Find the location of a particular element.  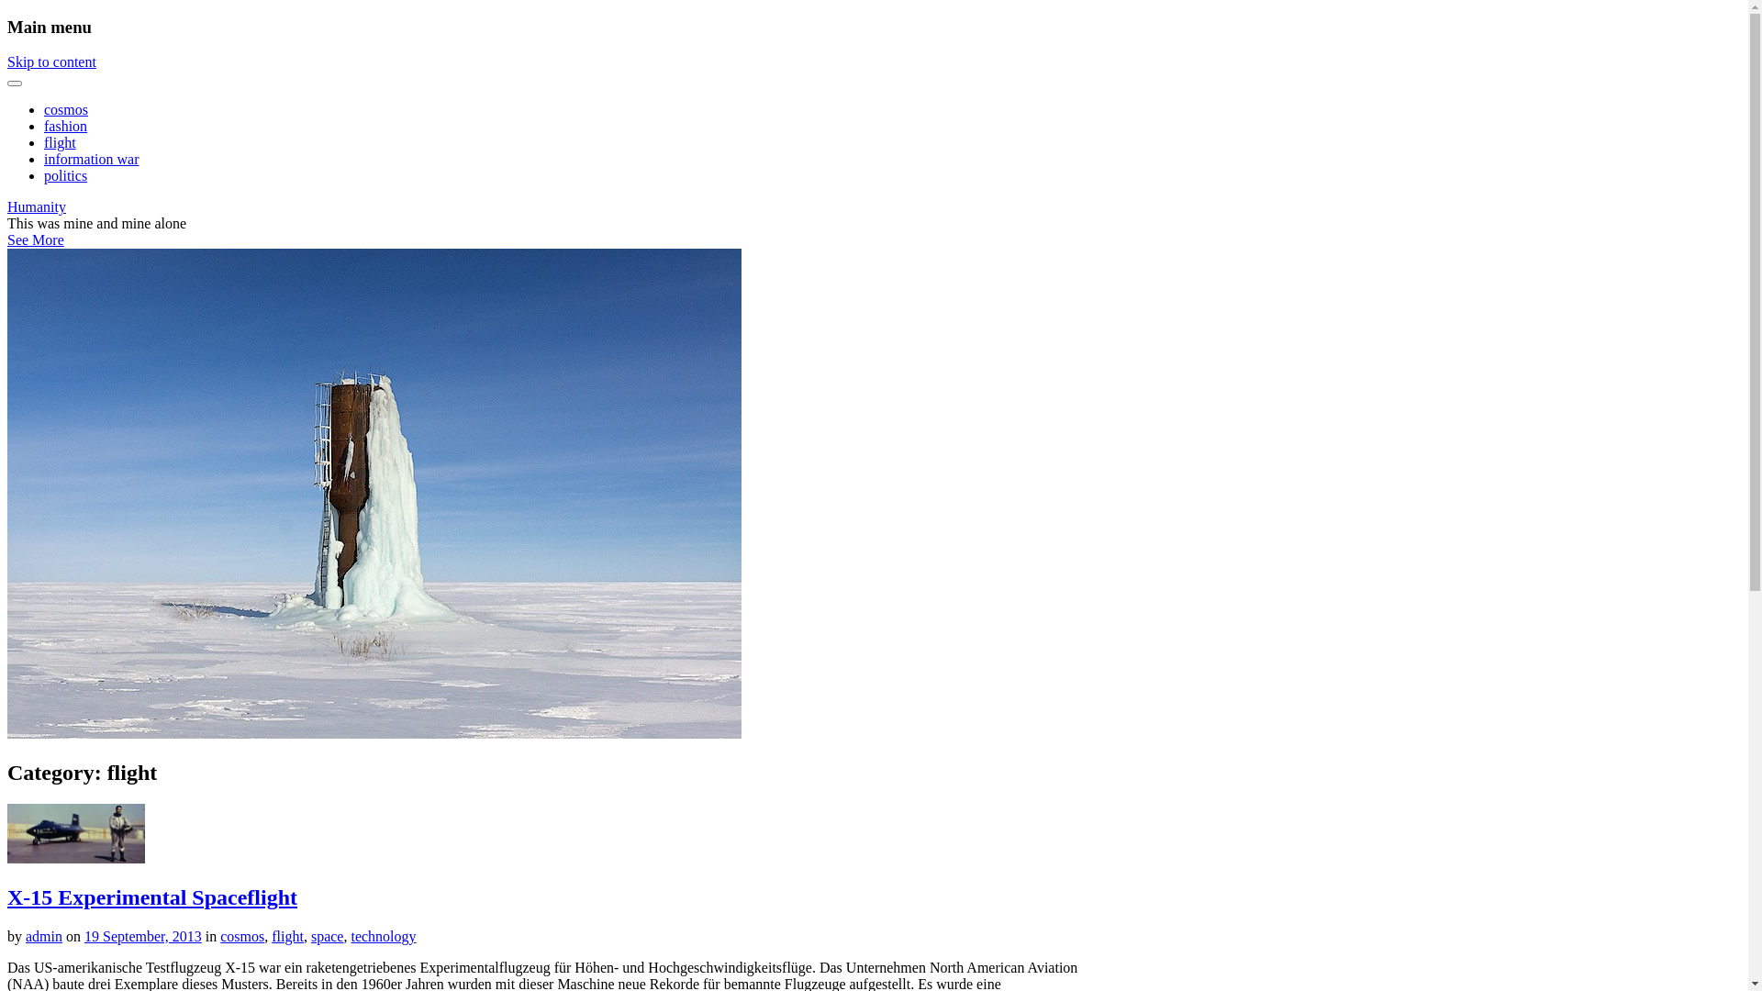

'See More' is located at coordinates (35, 239).